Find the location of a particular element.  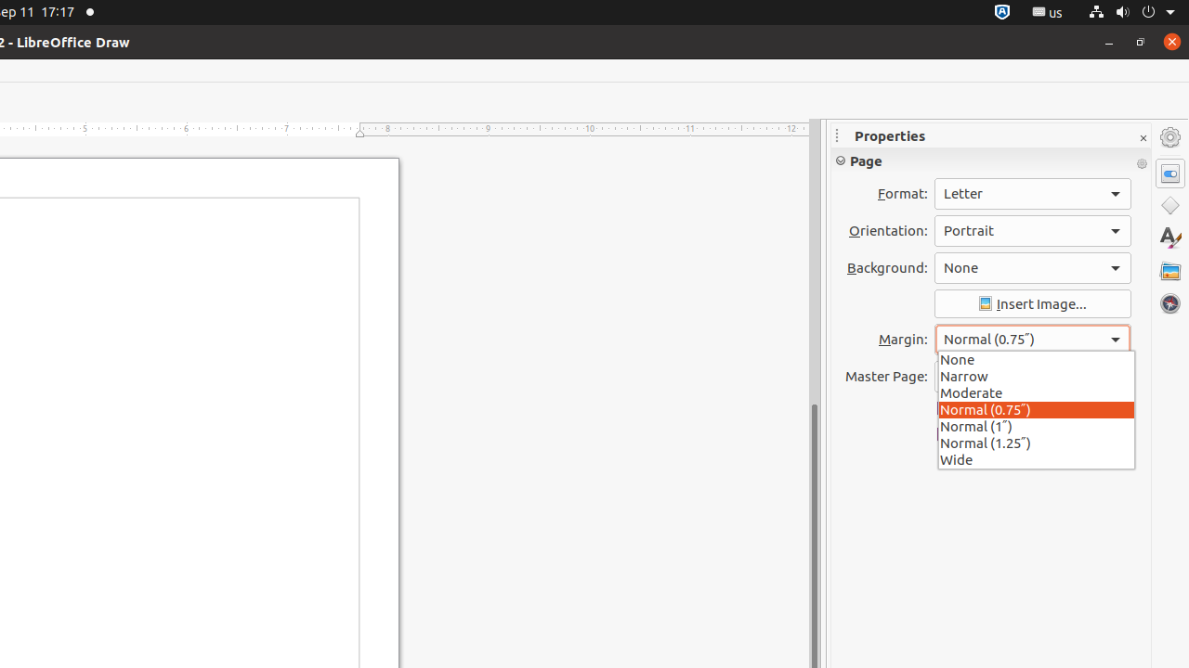

'Navigator' is located at coordinates (1169, 302).